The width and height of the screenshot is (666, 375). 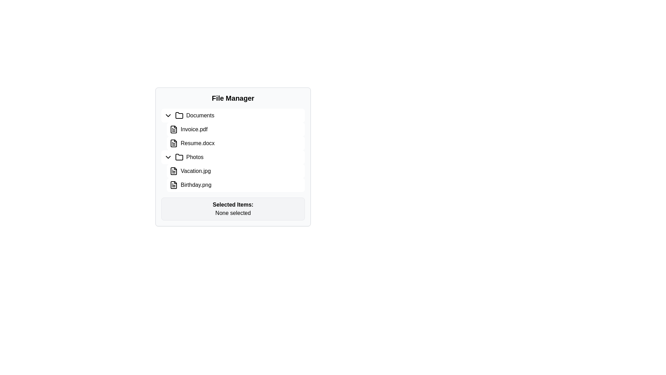 I want to click on the text label 'Birthday.png', so click(x=196, y=184).